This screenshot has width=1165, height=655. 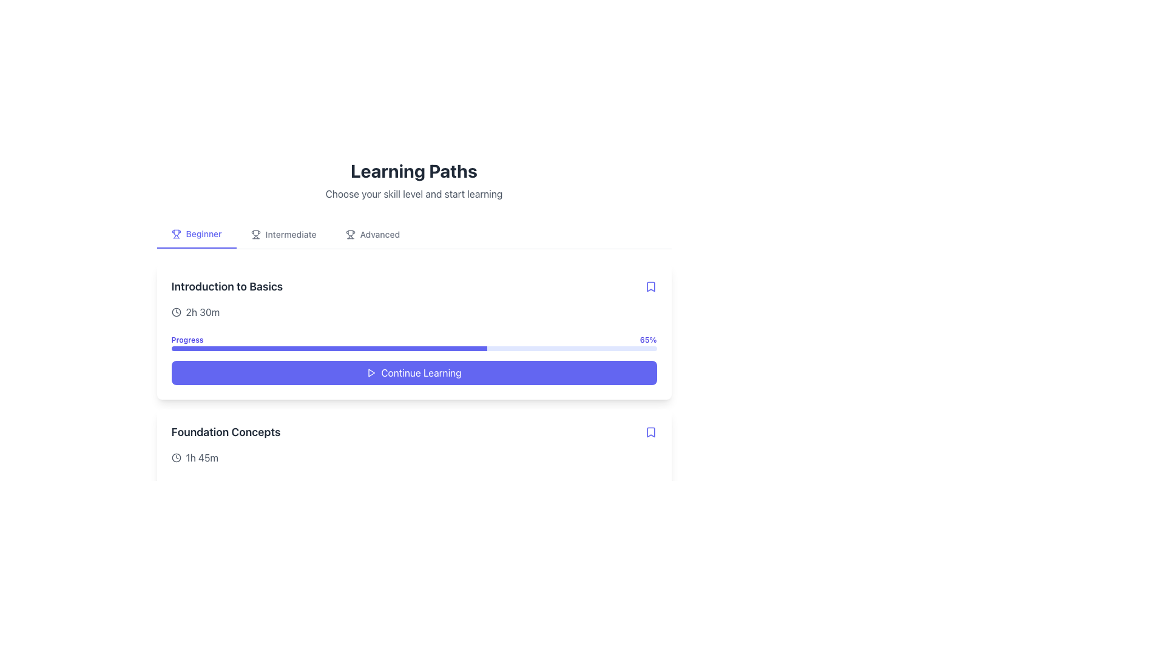 I want to click on the 'Continue' button for the 'Introduction to Basics' course, so click(x=414, y=372).